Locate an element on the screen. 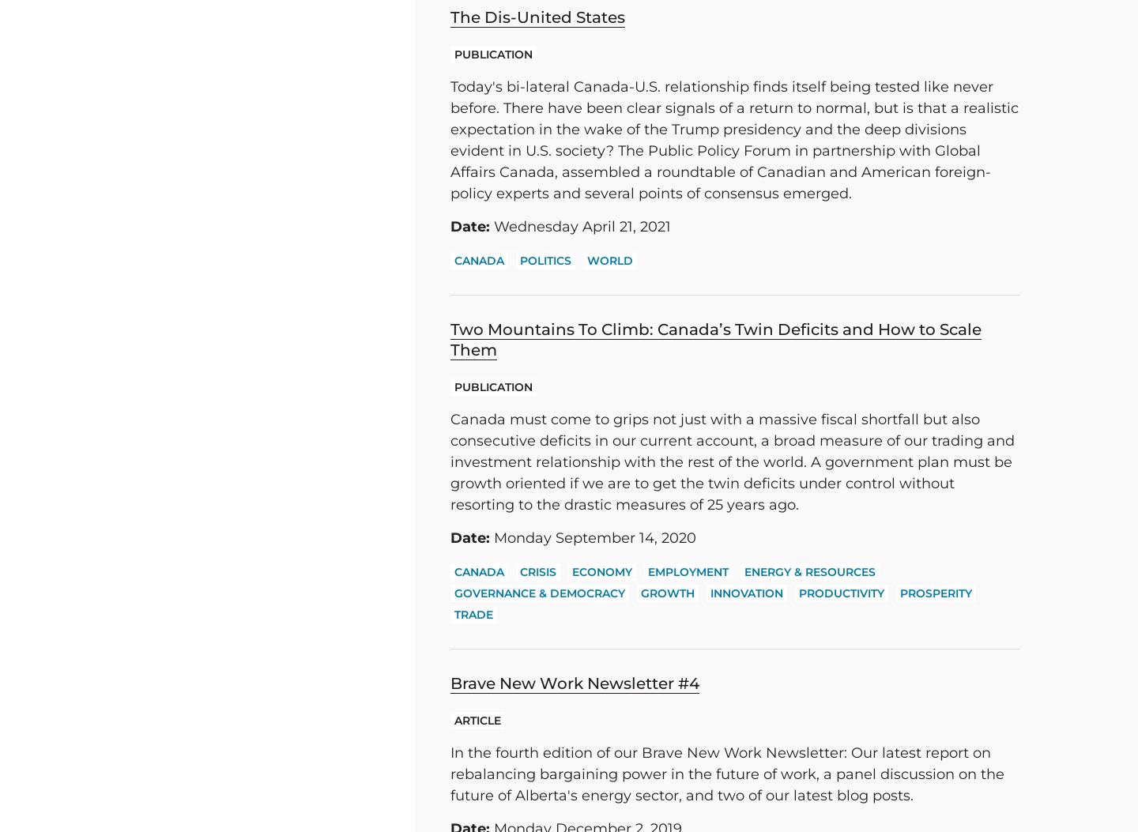 The height and width of the screenshot is (832, 1138). 'Two Mountains To Climb: Canada’s Twin Deficits and How to Scale Them' is located at coordinates (716, 340).